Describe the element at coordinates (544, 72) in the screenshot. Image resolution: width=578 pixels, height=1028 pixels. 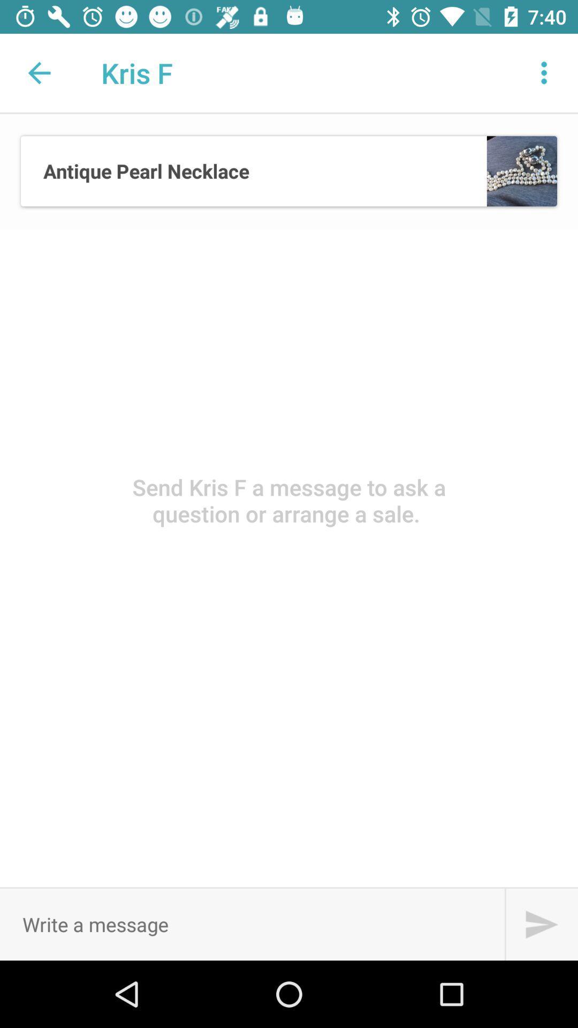
I see `the icon to the right of kris f item` at that location.